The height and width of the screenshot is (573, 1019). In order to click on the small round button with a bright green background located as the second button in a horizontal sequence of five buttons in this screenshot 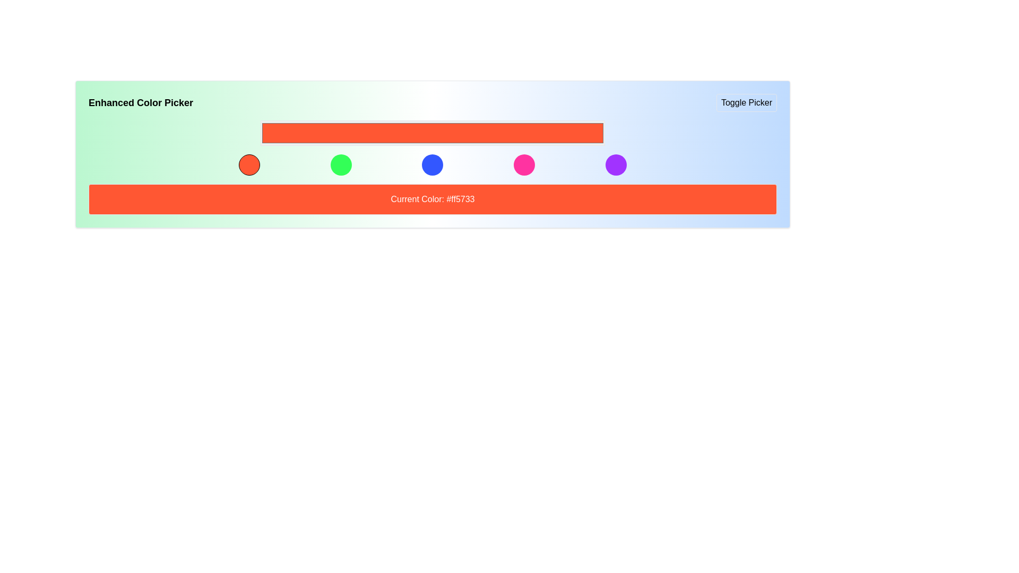, I will do `click(341, 165)`.